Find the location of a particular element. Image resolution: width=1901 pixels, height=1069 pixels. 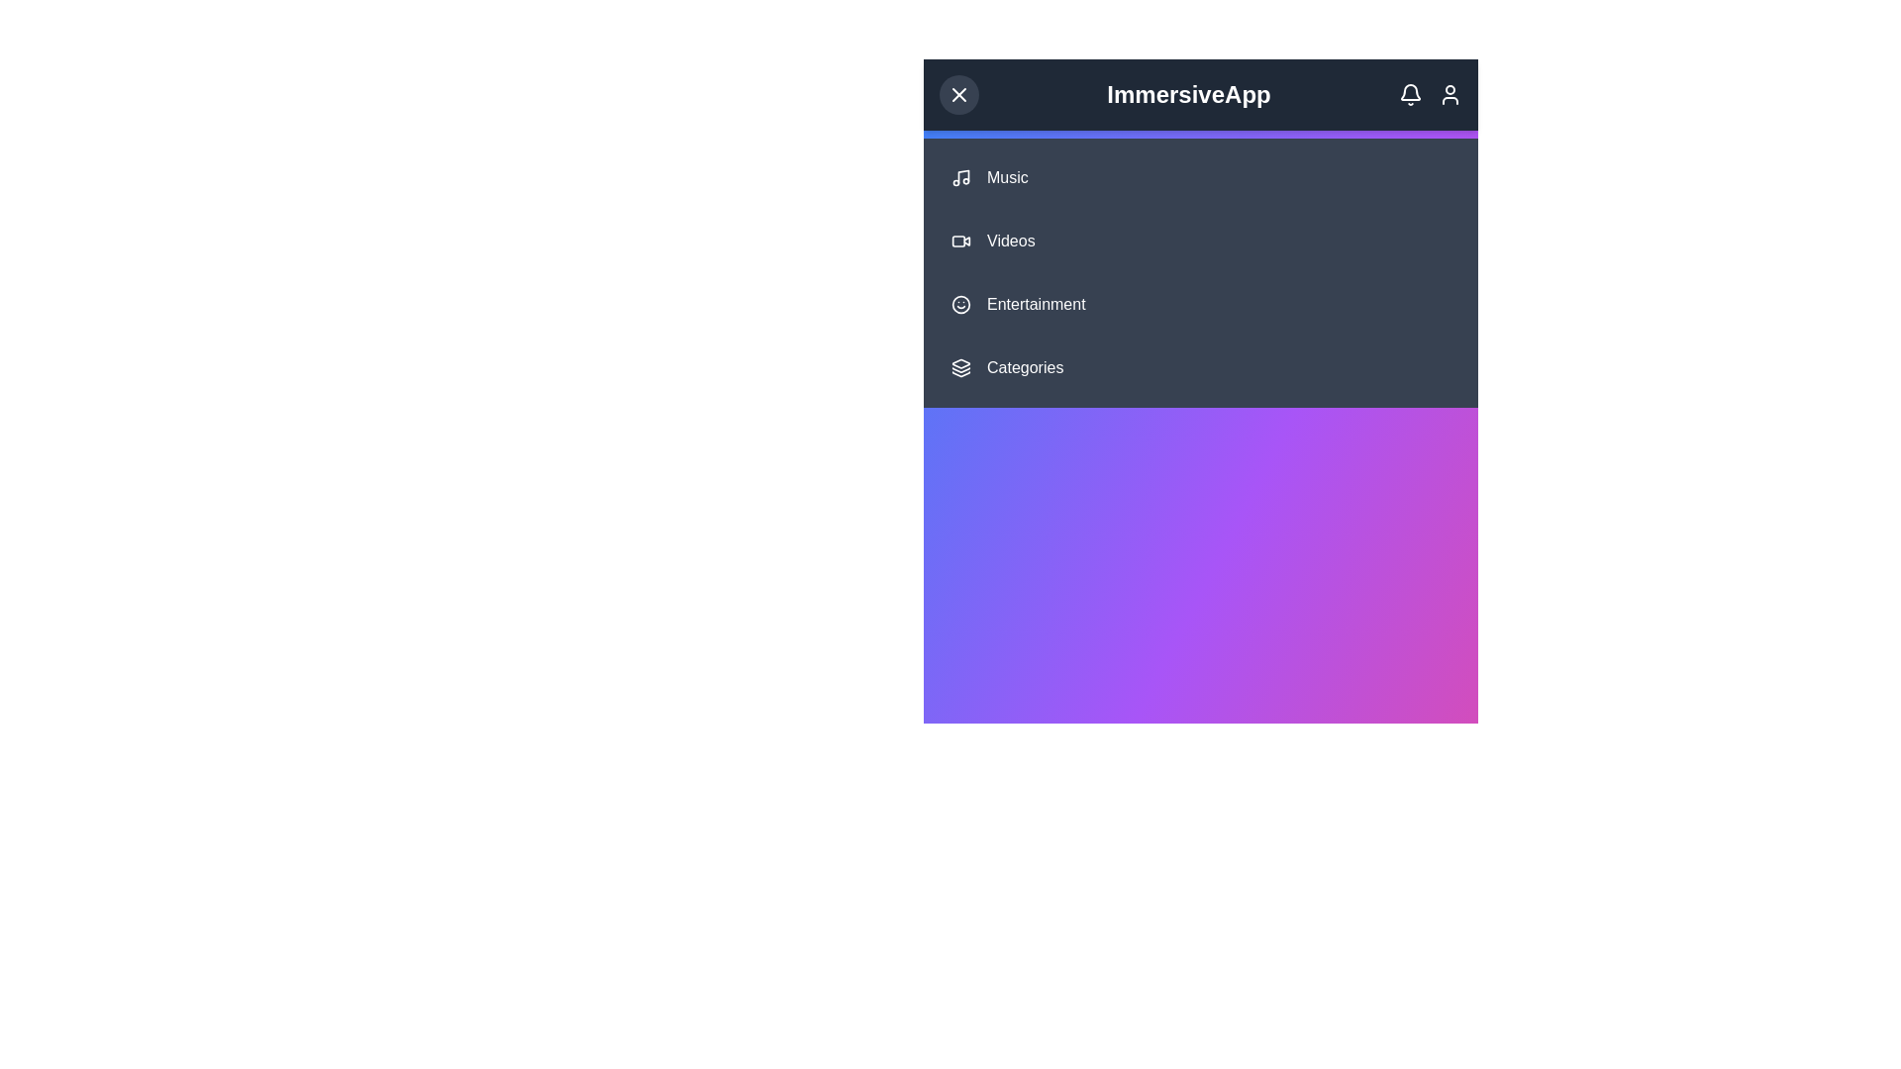

the 'Entertainment' menu item is located at coordinates (1200, 305).